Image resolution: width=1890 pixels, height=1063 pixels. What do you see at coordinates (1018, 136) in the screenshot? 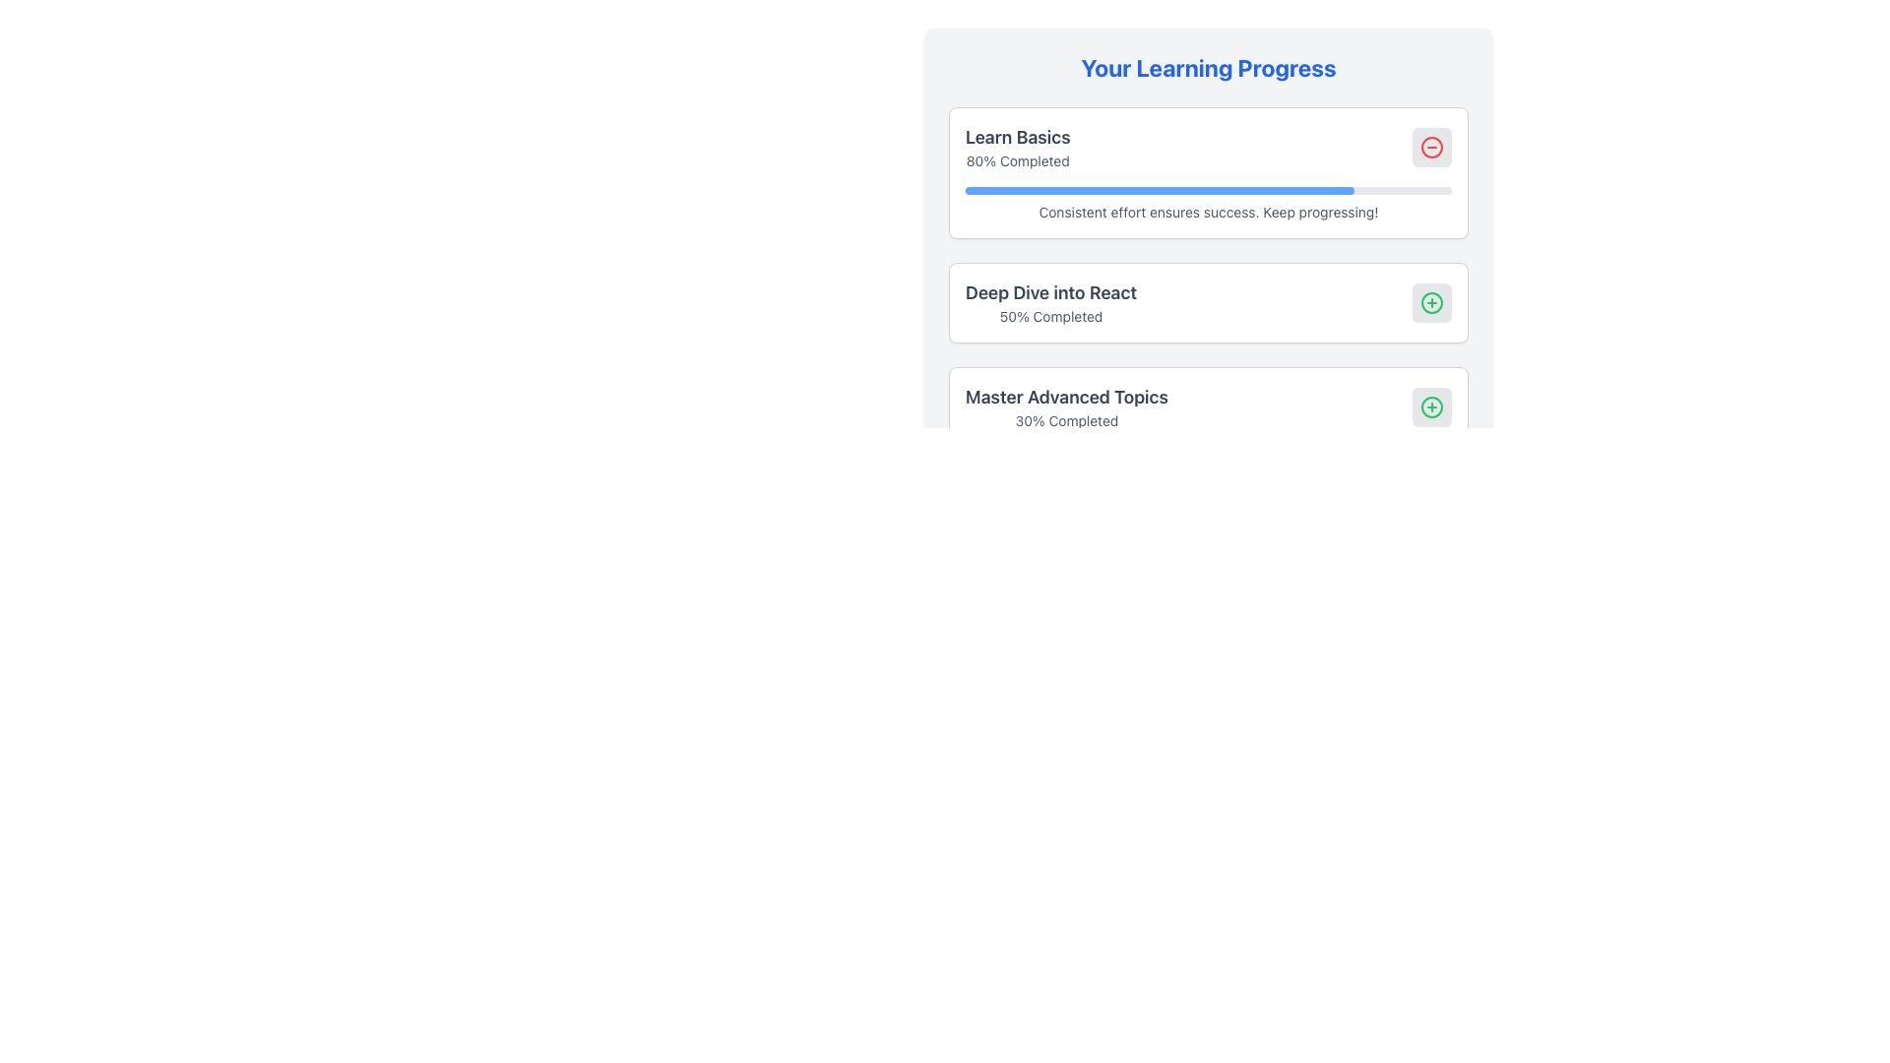
I see `text element titled 'Learn Basics', which serves as a heading for a learning module, located at the top of the progress section` at bounding box center [1018, 136].